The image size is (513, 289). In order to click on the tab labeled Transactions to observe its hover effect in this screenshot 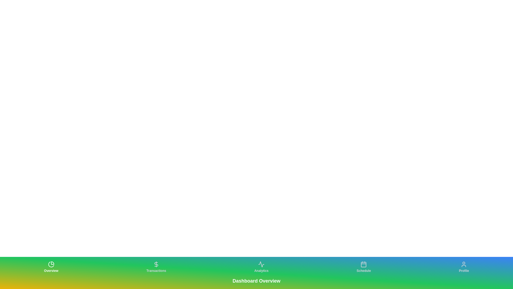, I will do `click(156, 267)`.